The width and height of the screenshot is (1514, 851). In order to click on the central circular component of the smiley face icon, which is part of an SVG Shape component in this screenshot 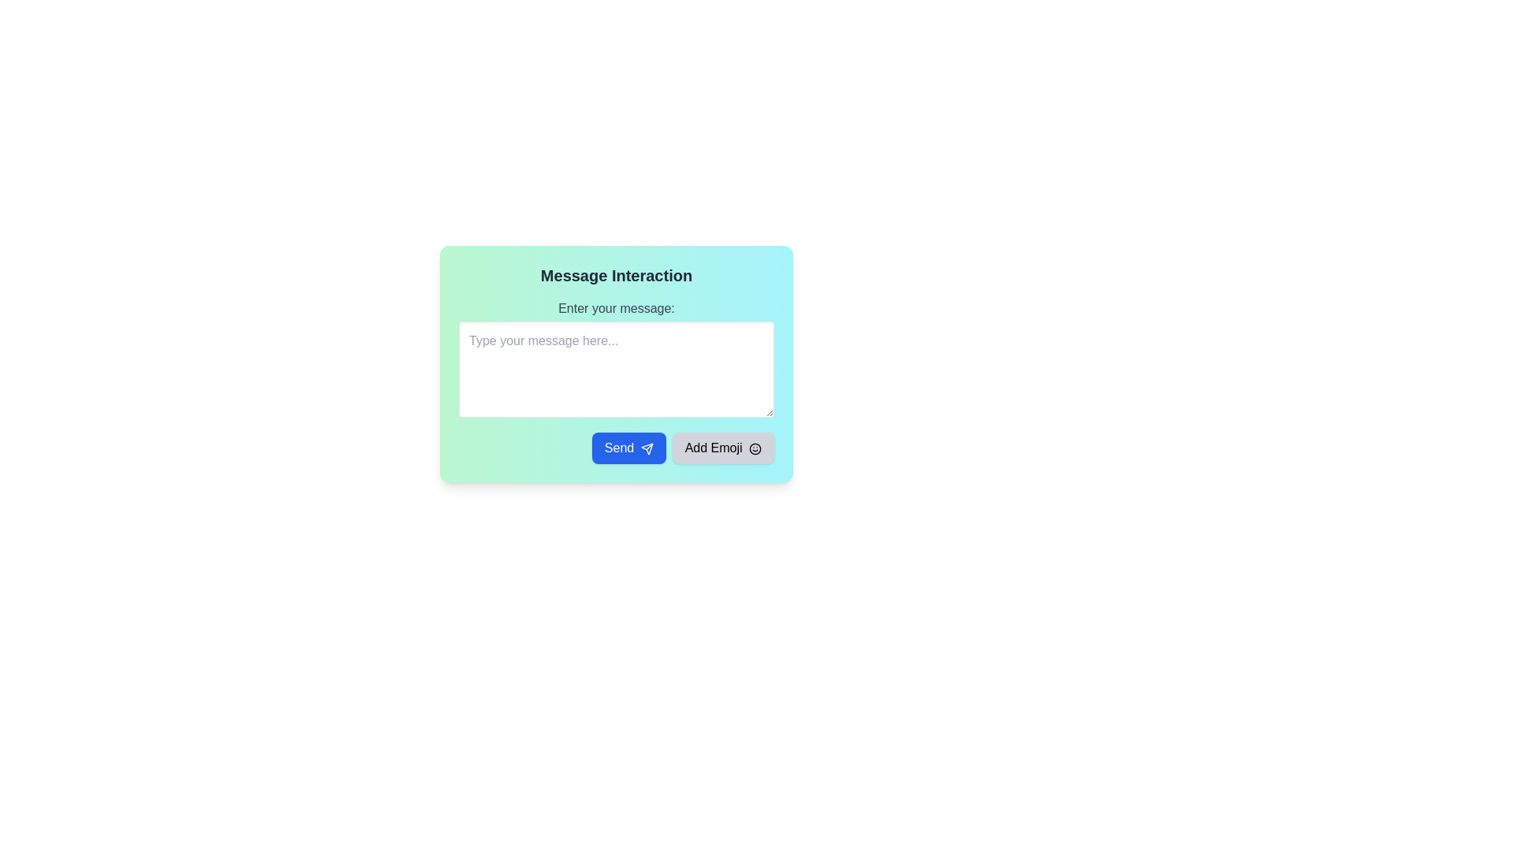, I will do `click(755, 448)`.